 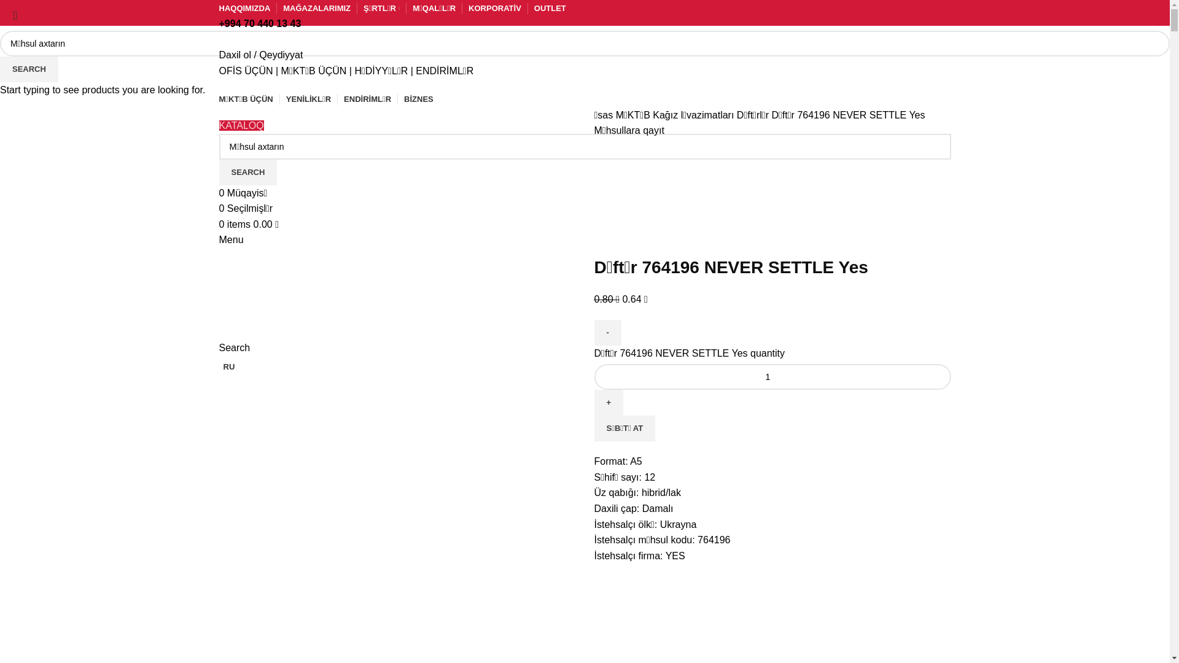 I want to click on 'Daxil ol / Qeydiyyat', so click(x=260, y=54).